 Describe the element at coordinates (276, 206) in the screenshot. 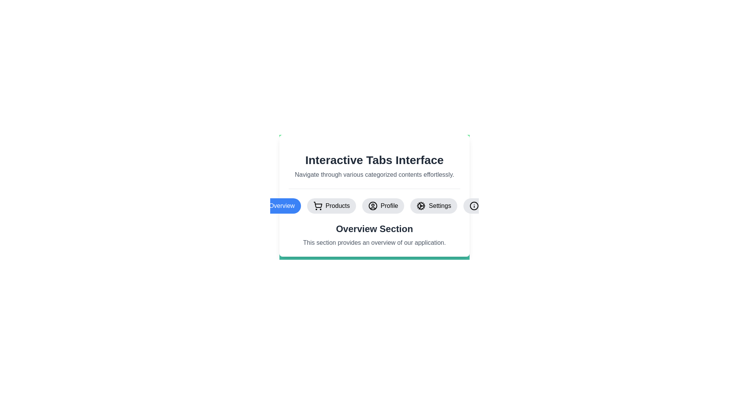

I see `the blue rounded rectangular button labeled 'Overview'` at that location.